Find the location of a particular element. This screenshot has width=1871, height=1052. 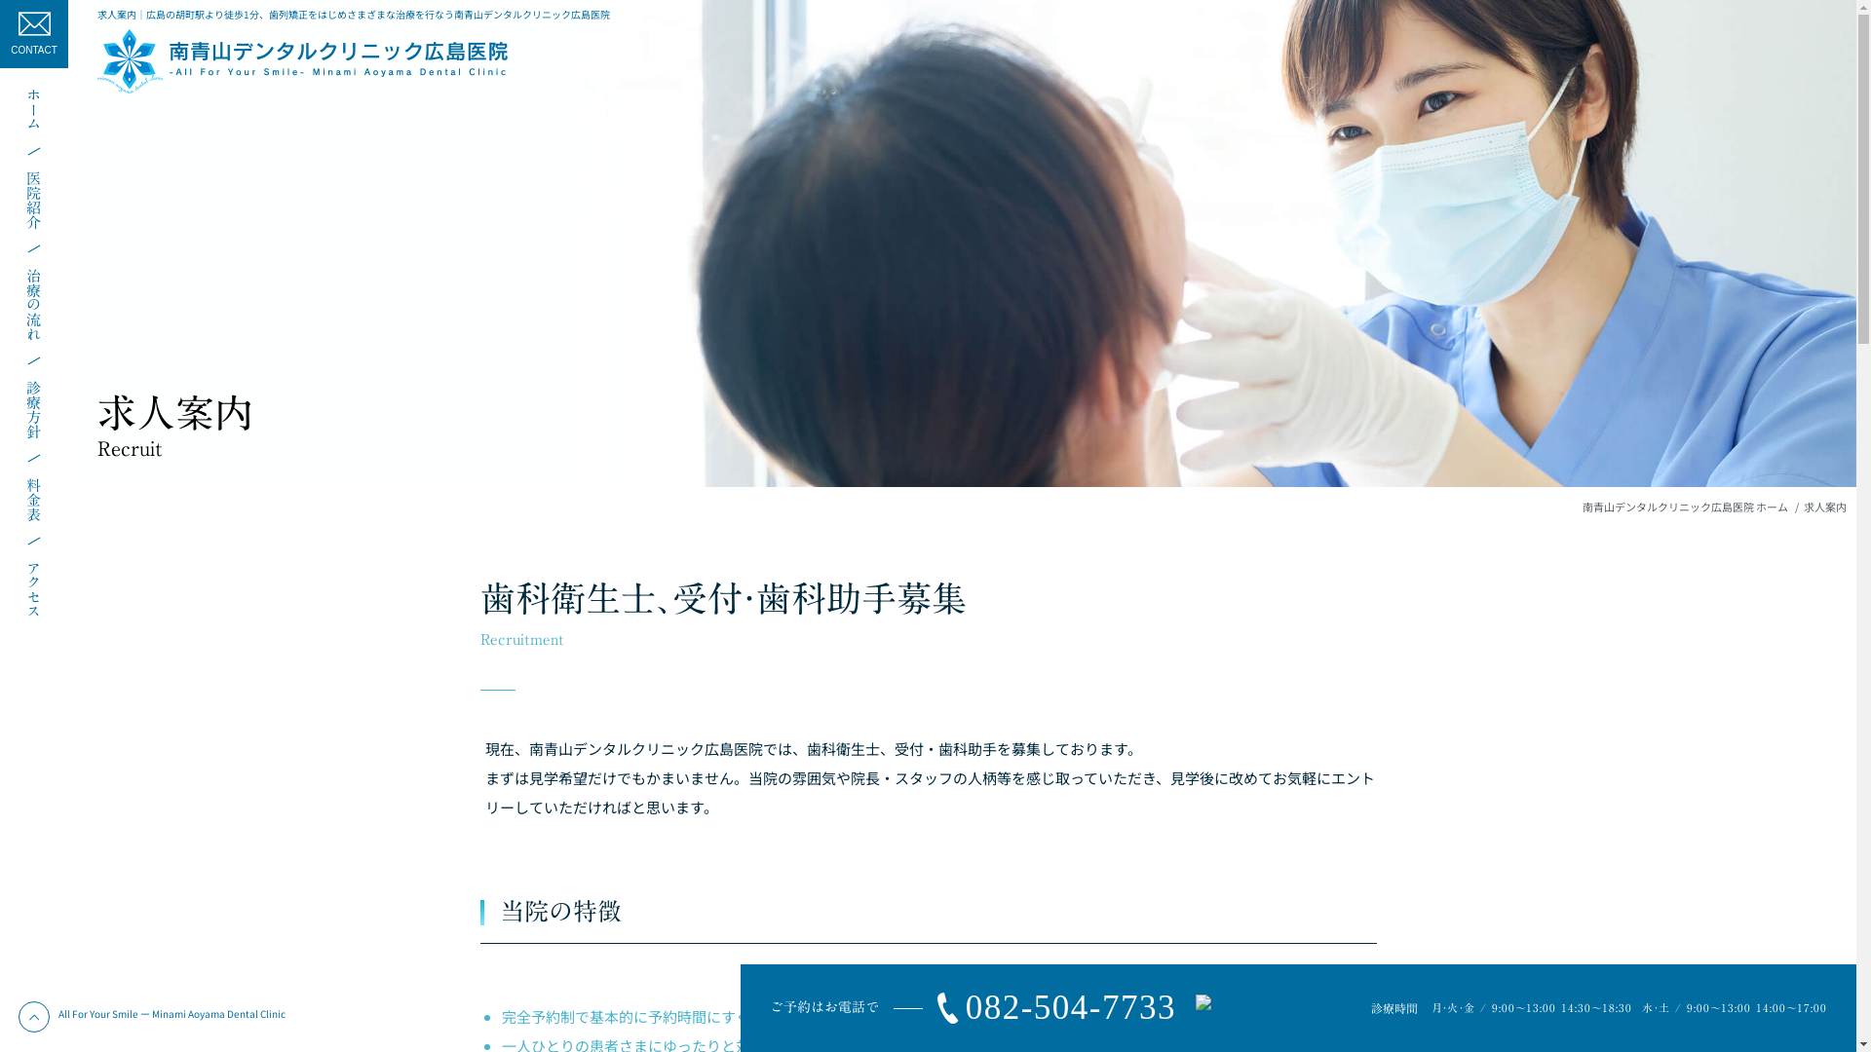

'082-504-7733' is located at coordinates (1048, 1008).